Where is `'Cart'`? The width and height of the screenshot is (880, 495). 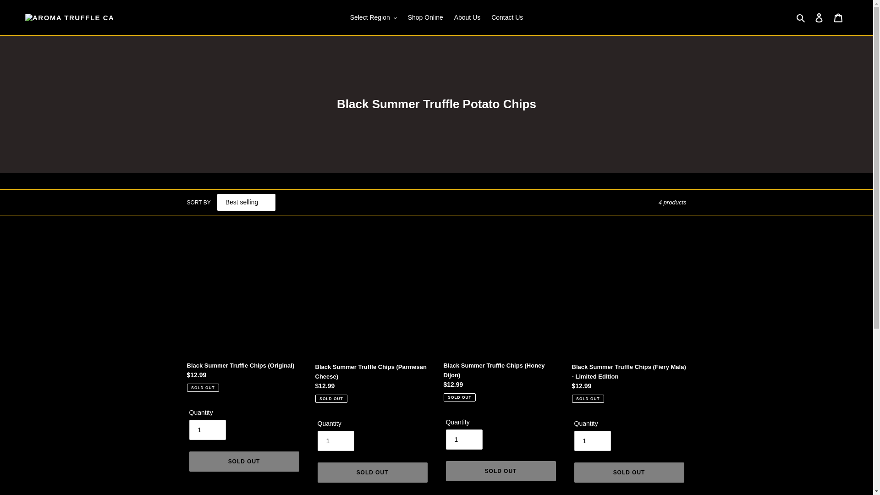 'Cart' is located at coordinates (838, 17).